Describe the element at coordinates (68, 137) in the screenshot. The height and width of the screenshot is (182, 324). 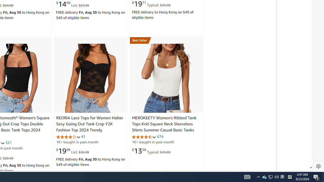
I see `'4.0 out of 5 stars'` at that location.